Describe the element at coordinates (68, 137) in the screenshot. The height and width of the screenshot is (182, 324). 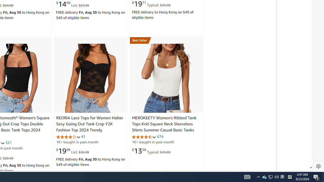
I see `'4.0 out of 5 stars'` at that location.